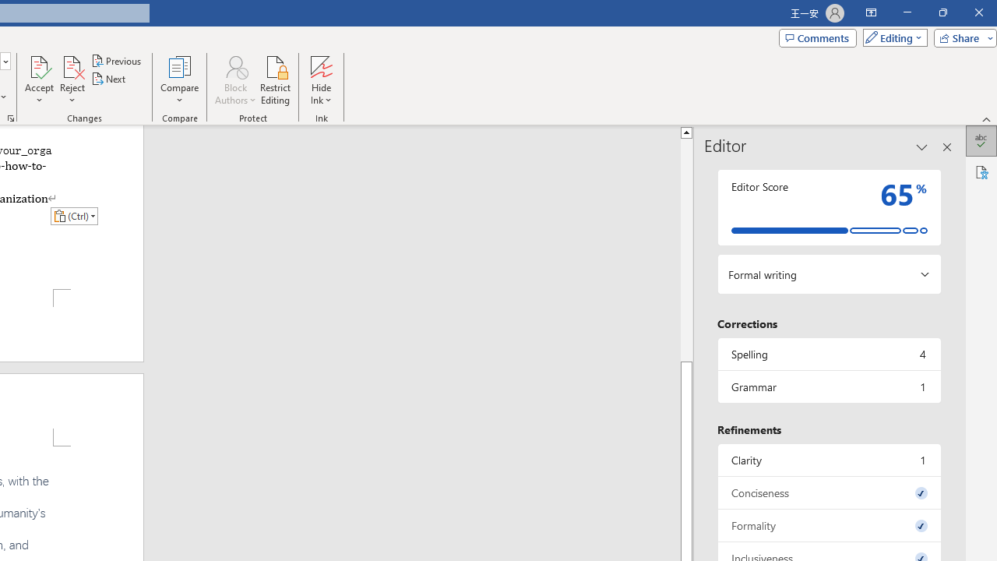 The height and width of the screenshot is (561, 997). I want to click on 'Grammar, 1 issue. Press space or enter to review items.', so click(828, 386).